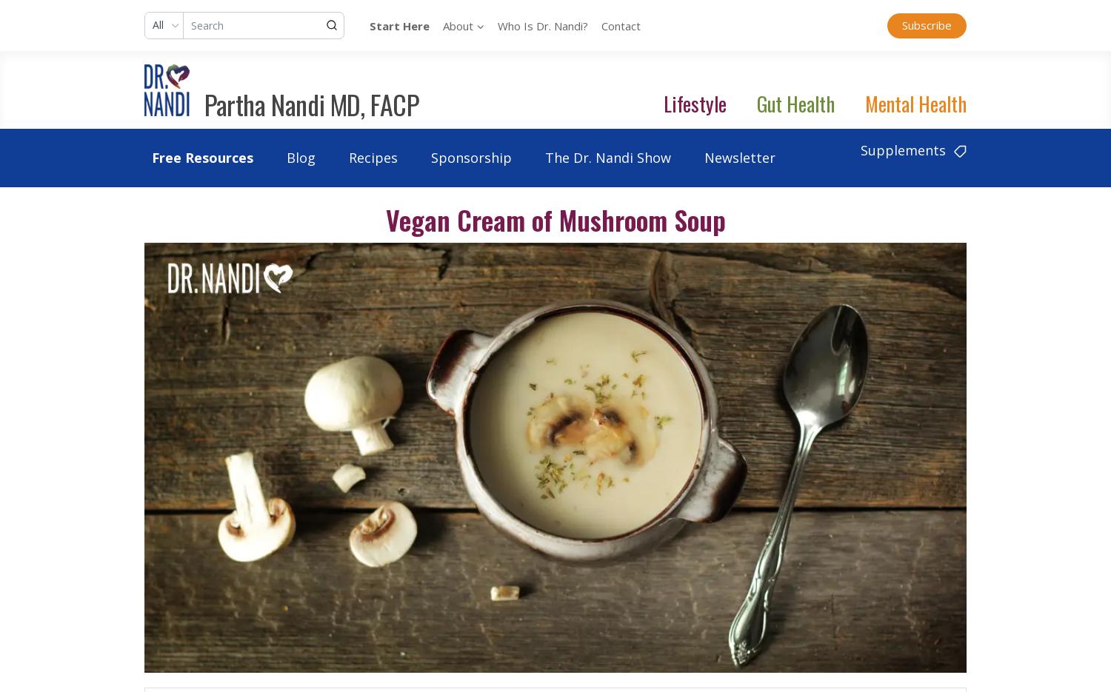 The width and height of the screenshot is (1111, 692). What do you see at coordinates (795, 103) in the screenshot?
I see `'Gut Health'` at bounding box center [795, 103].